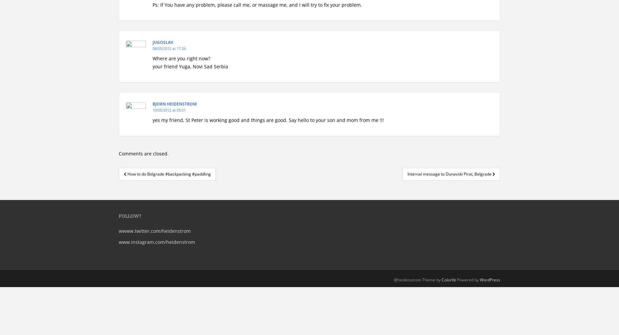  I want to click on 'Where are you right now?', so click(181, 58).